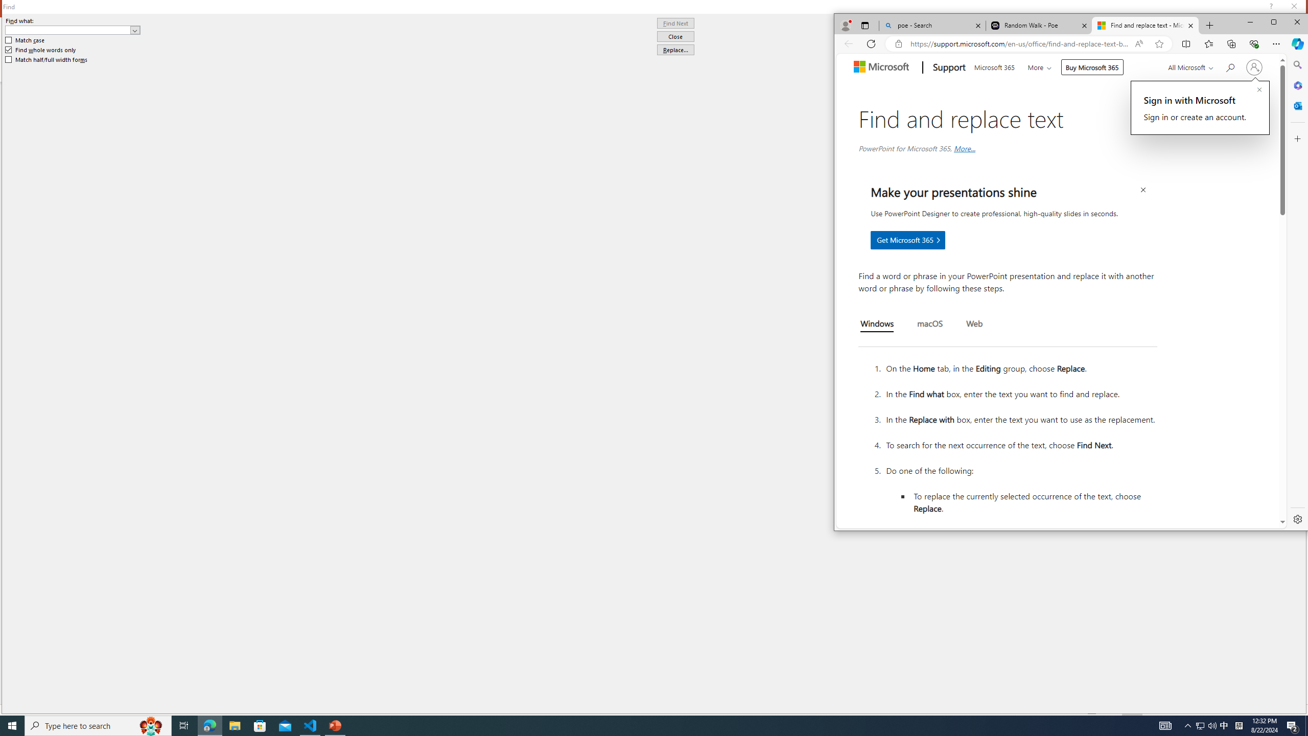  What do you see at coordinates (948, 68) in the screenshot?
I see `'Support'` at bounding box center [948, 68].